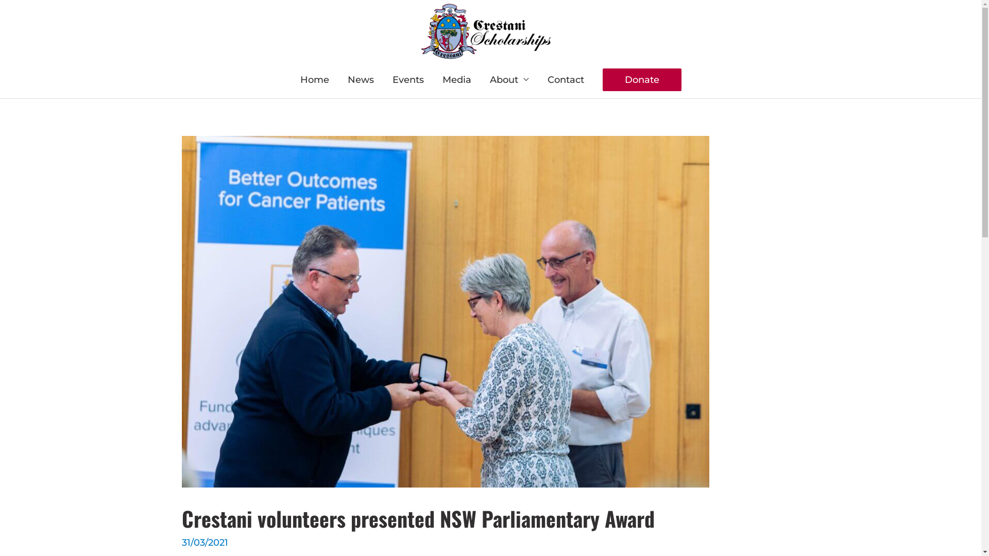 This screenshot has height=556, width=989. Describe the element at coordinates (456, 79) in the screenshot. I see `'Media'` at that location.